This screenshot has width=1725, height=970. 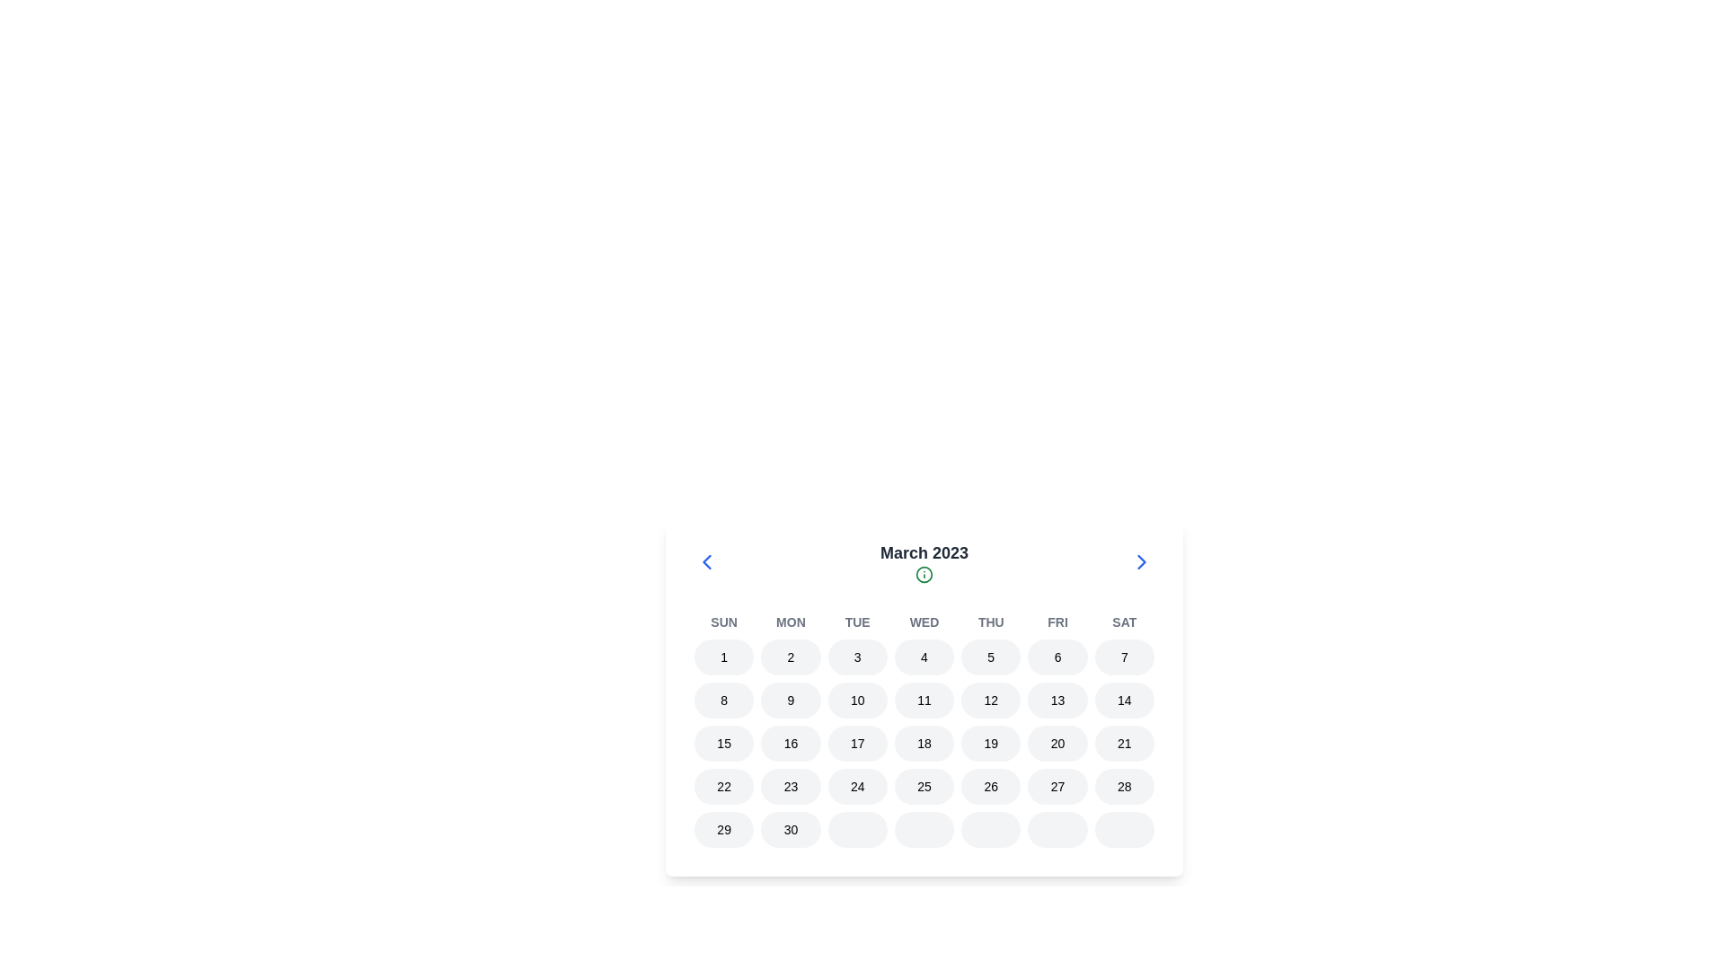 I want to click on the text label displaying 'TUE', which is styled in small uppercase gray font and positioned under the weekday header in the calendar interface, so click(x=856, y=622).